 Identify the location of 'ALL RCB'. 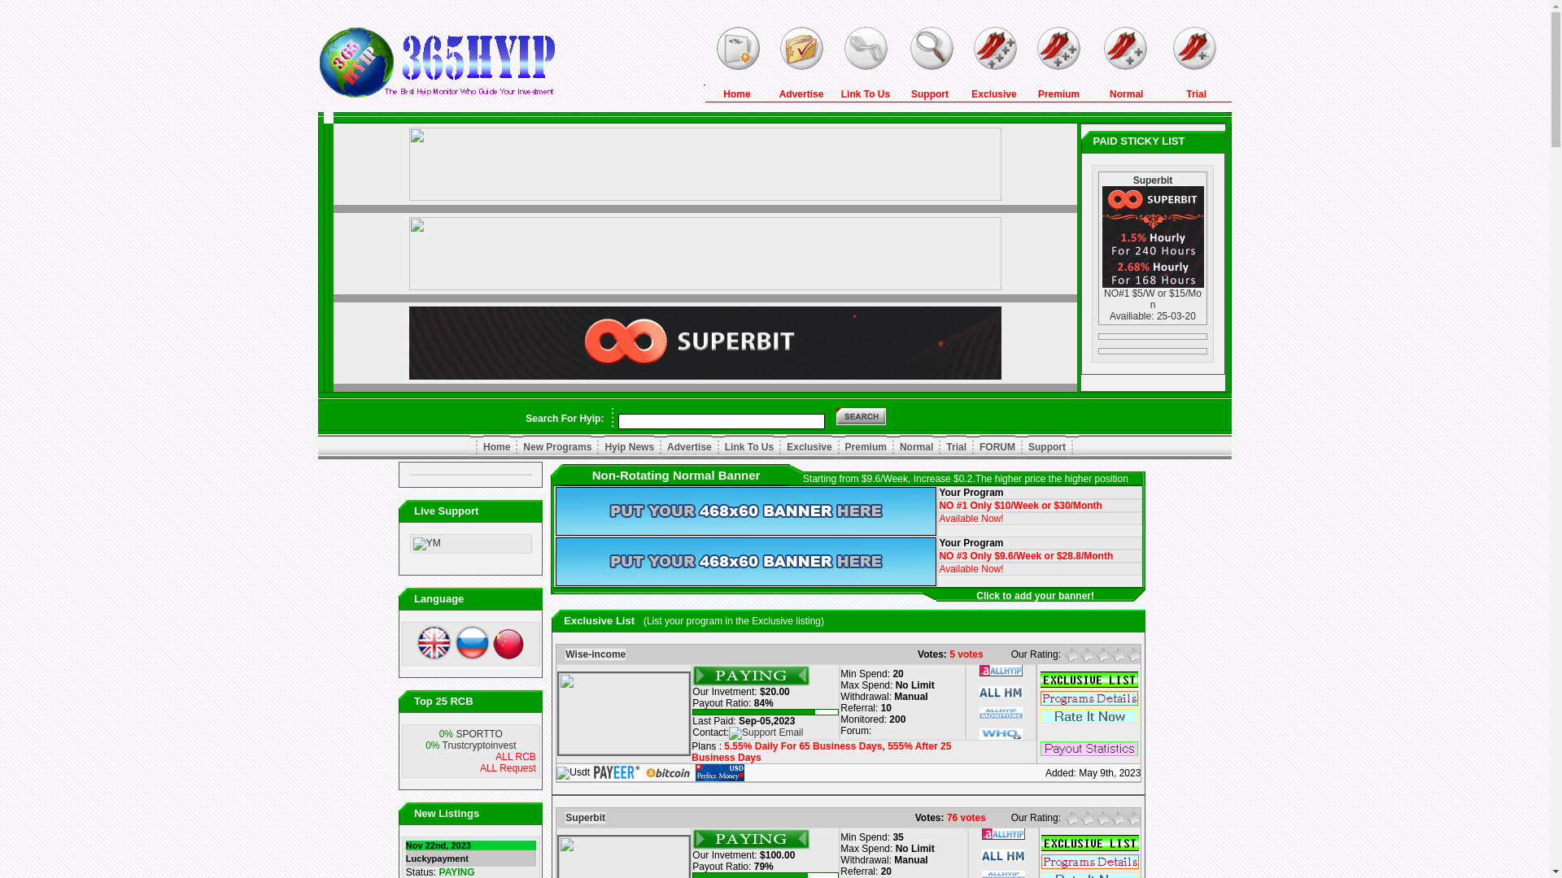
(514, 756).